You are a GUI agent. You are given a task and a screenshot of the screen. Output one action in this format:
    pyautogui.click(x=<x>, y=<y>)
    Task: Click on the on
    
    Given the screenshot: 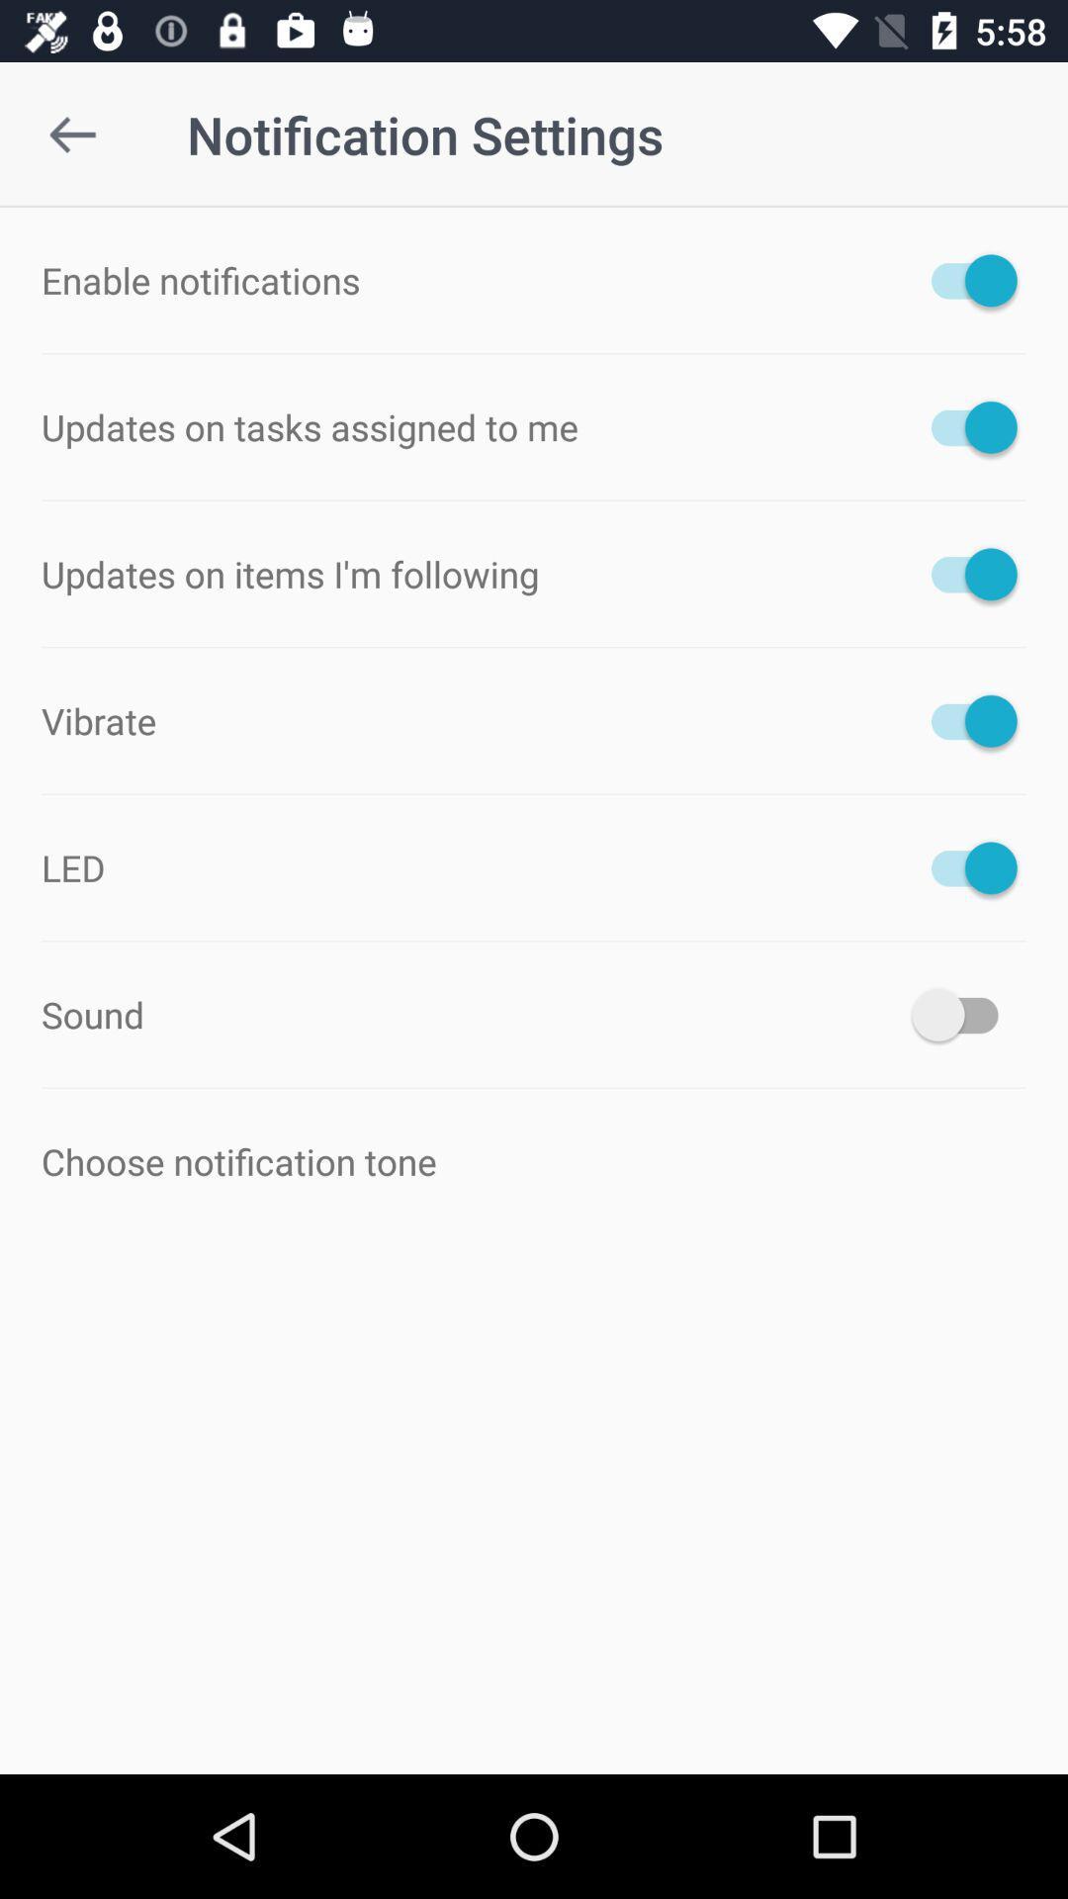 What is the action you would take?
    pyautogui.click(x=963, y=1015)
    